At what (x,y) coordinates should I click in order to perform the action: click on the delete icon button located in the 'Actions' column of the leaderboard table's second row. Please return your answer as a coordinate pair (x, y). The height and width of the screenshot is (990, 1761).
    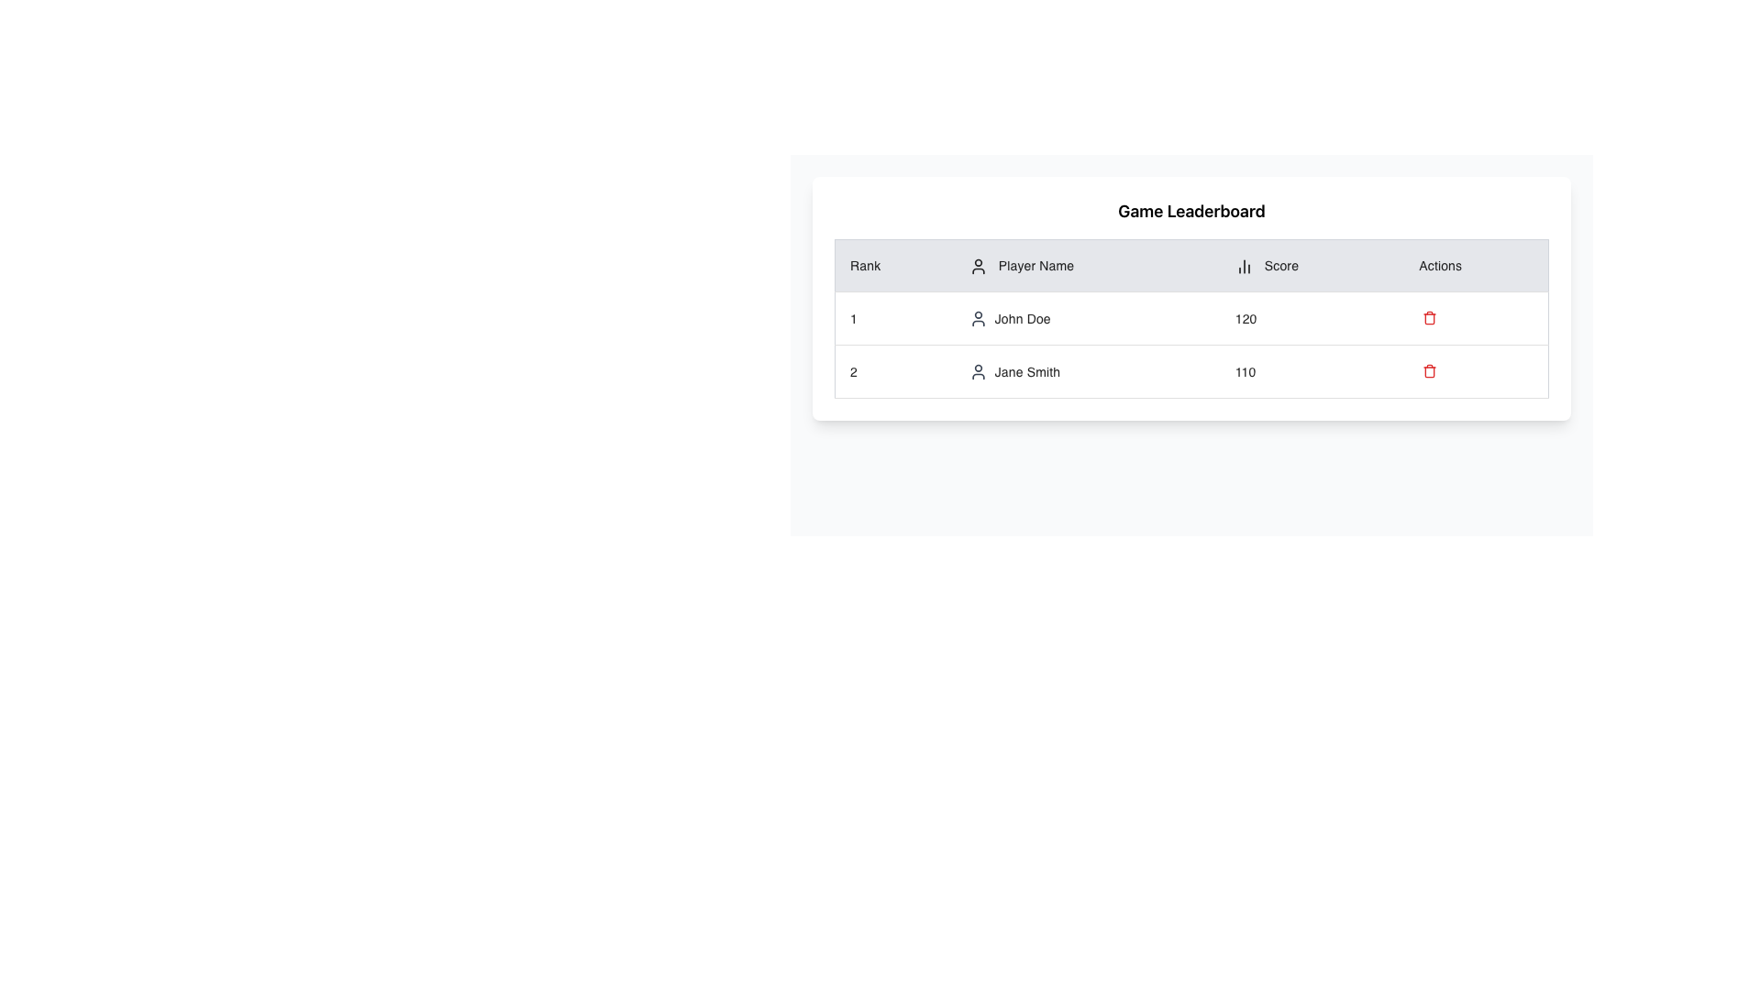
    Looking at the image, I should click on (1429, 317).